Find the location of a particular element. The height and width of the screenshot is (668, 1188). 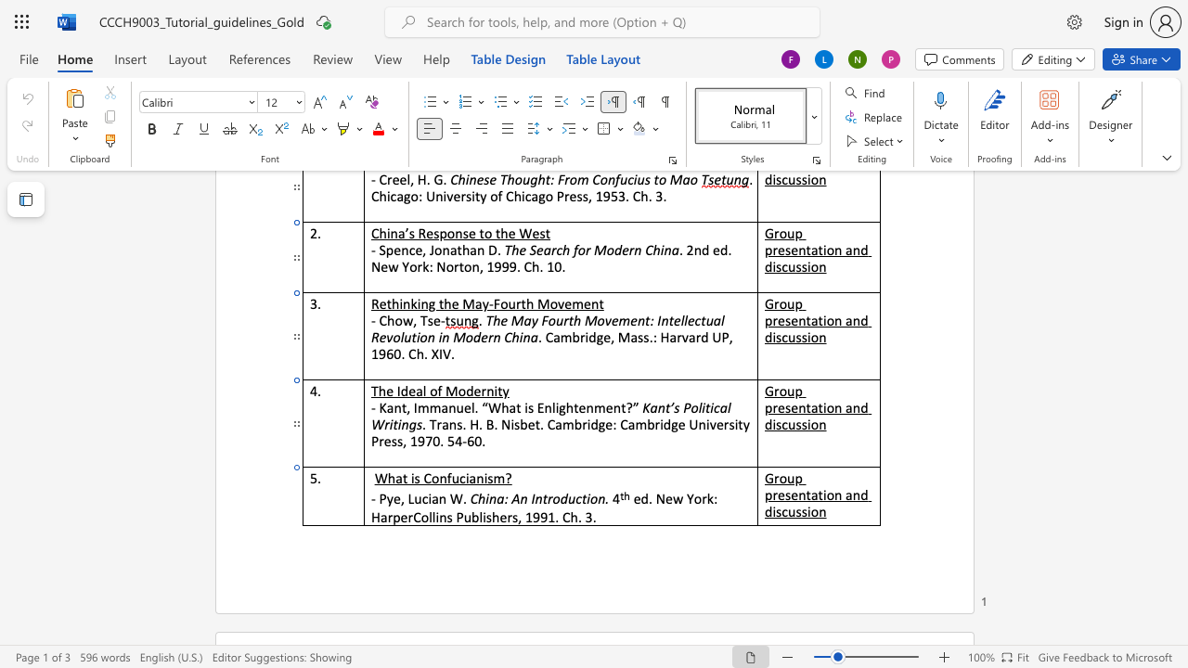

the space between the continuous character "P" and "y" in the text is located at coordinates (385, 498).